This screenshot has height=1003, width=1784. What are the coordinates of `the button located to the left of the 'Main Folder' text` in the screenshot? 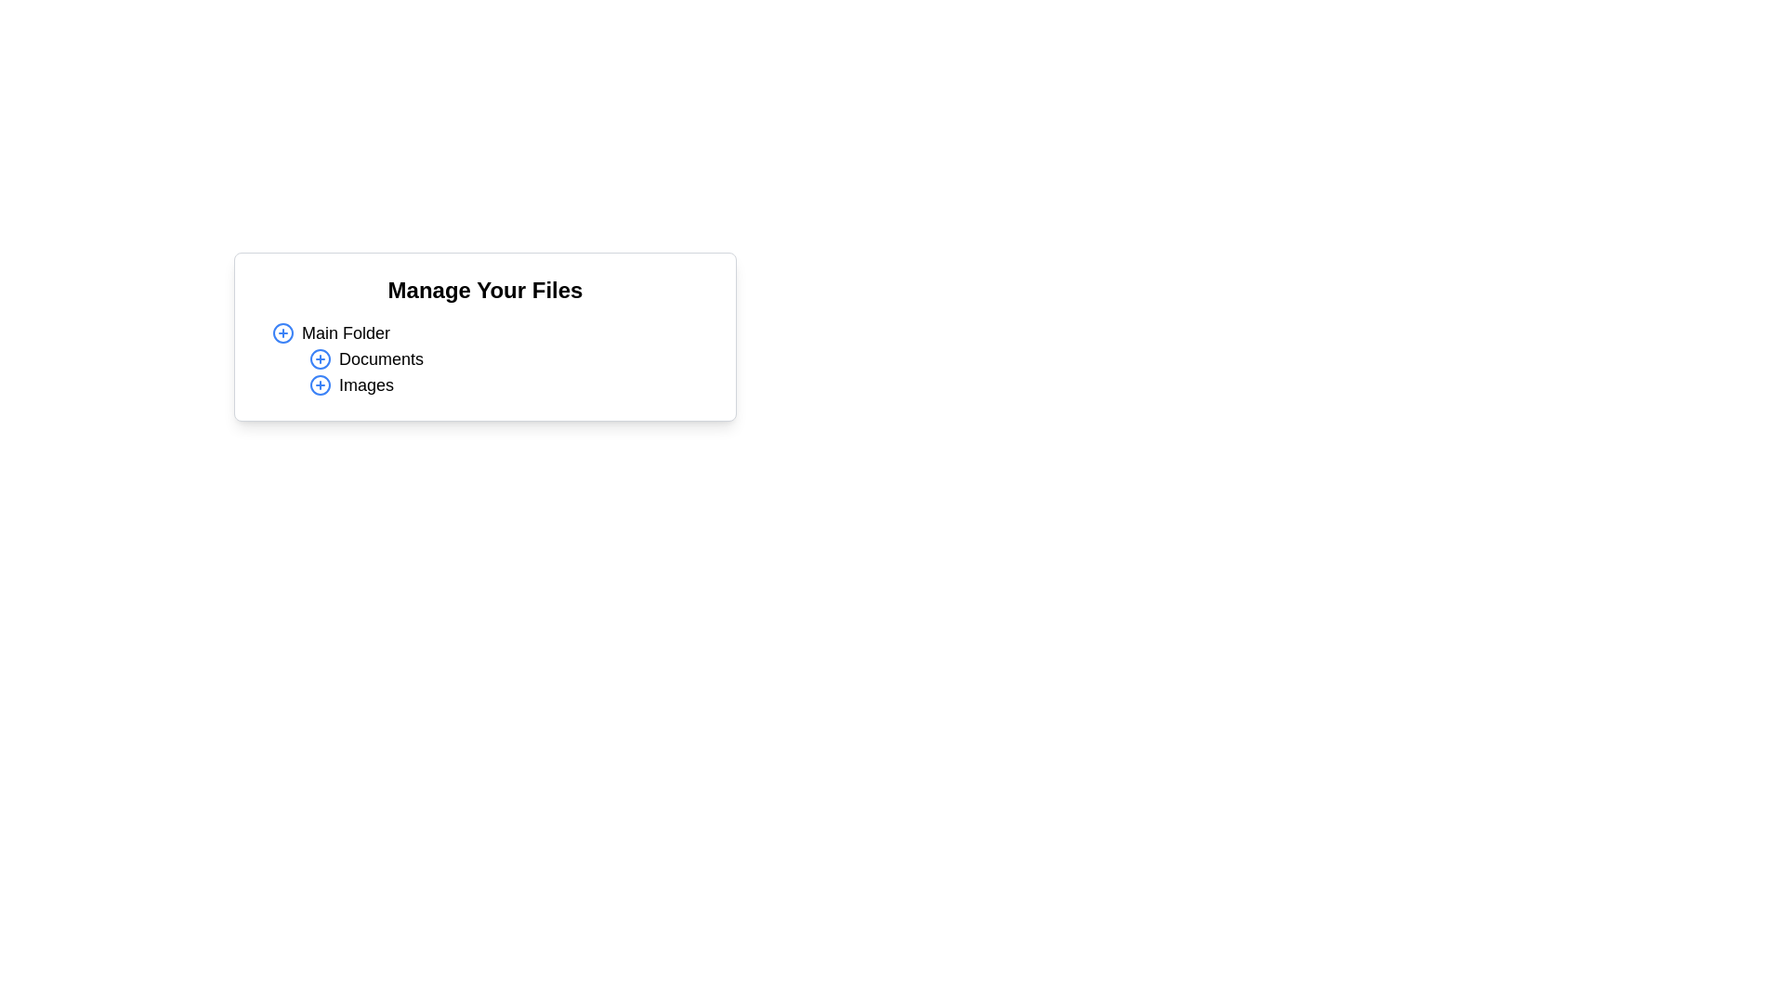 It's located at (282, 332).